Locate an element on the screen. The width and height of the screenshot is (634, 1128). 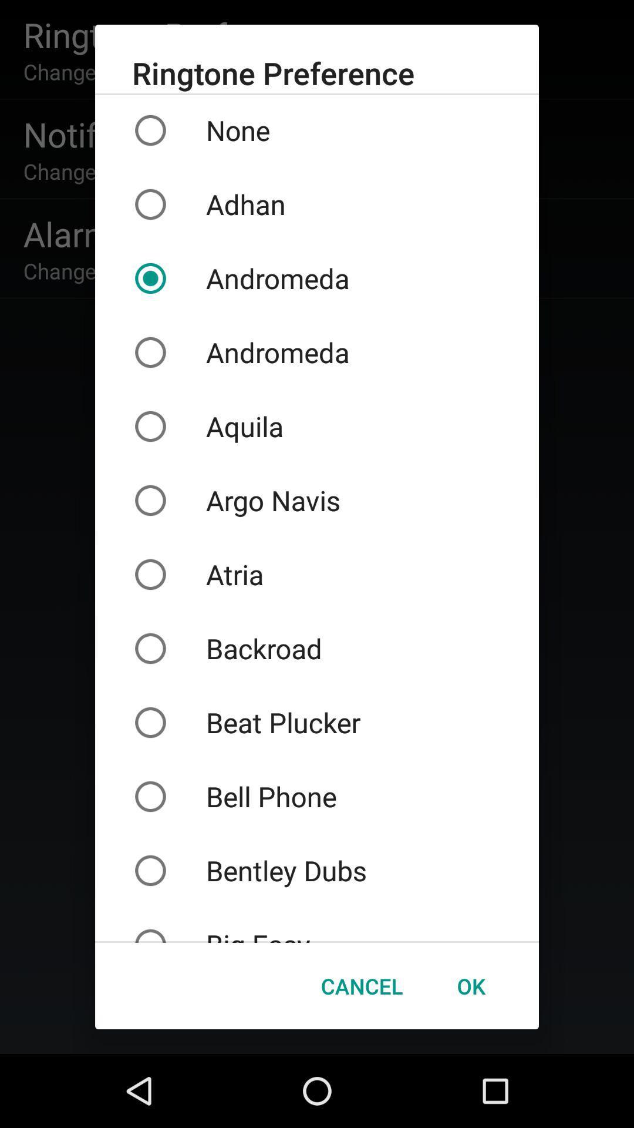
icon to the right of the cancel icon is located at coordinates (470, 986).